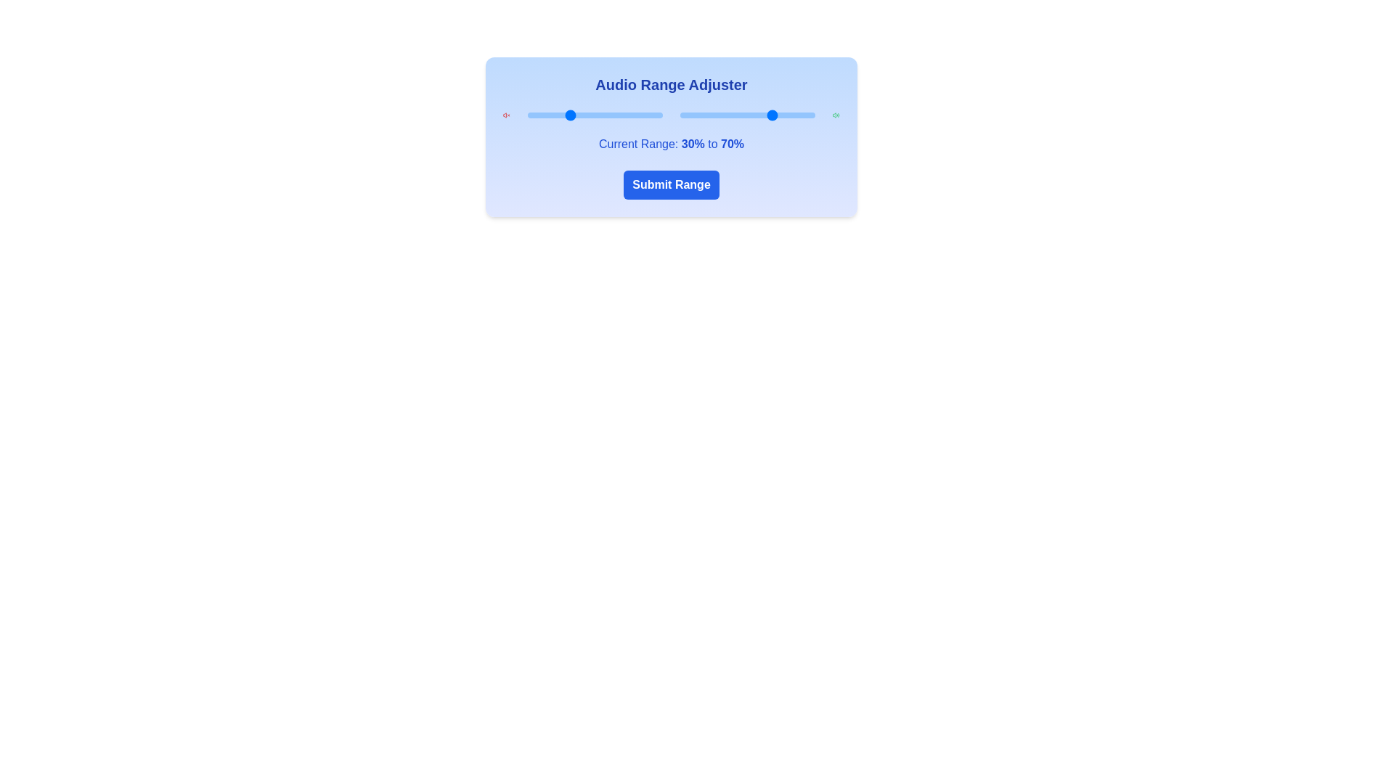 Image resolution: width=1394 pixels, height=784 pixels. I want to click on the submit button located below the text 'Current Range: 30% to 70%' in the blue gradient card titled 'Audio Range Adjuster' to trigger a visual effect, so click(671, 184).